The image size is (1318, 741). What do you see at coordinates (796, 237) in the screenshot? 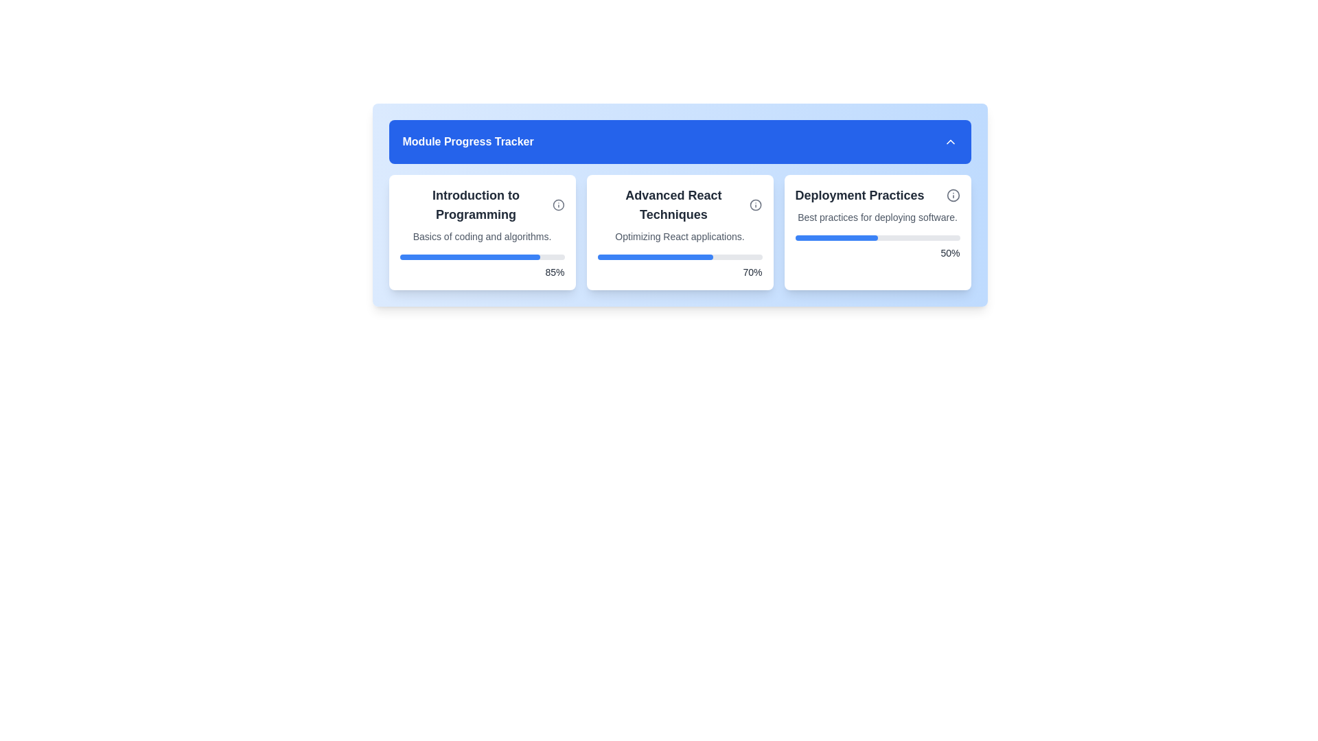
I see `the progress level` at bounding box center [796, 237].